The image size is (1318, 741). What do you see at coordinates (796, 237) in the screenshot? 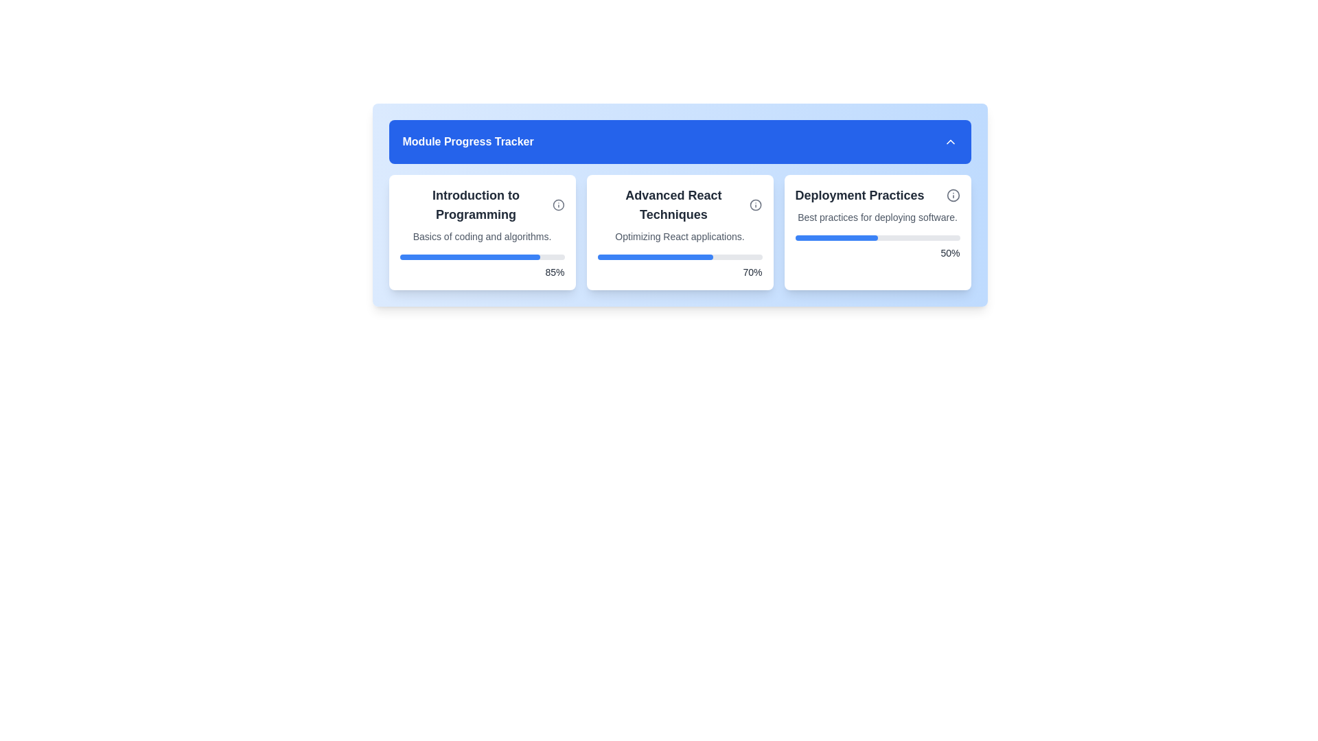
I see `the progress level` at bounding box center [796, 237].